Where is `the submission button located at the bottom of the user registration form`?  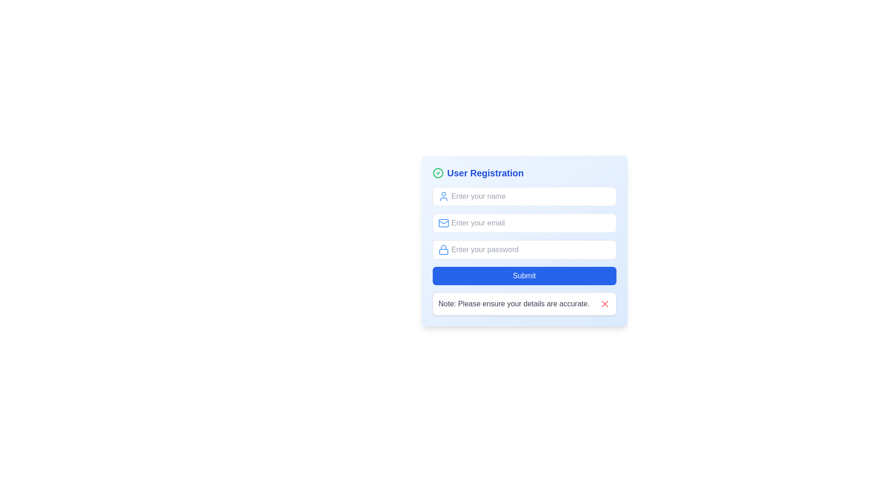 the submission button located at the bottom of the user registration form is located at coordinates (524, 276).